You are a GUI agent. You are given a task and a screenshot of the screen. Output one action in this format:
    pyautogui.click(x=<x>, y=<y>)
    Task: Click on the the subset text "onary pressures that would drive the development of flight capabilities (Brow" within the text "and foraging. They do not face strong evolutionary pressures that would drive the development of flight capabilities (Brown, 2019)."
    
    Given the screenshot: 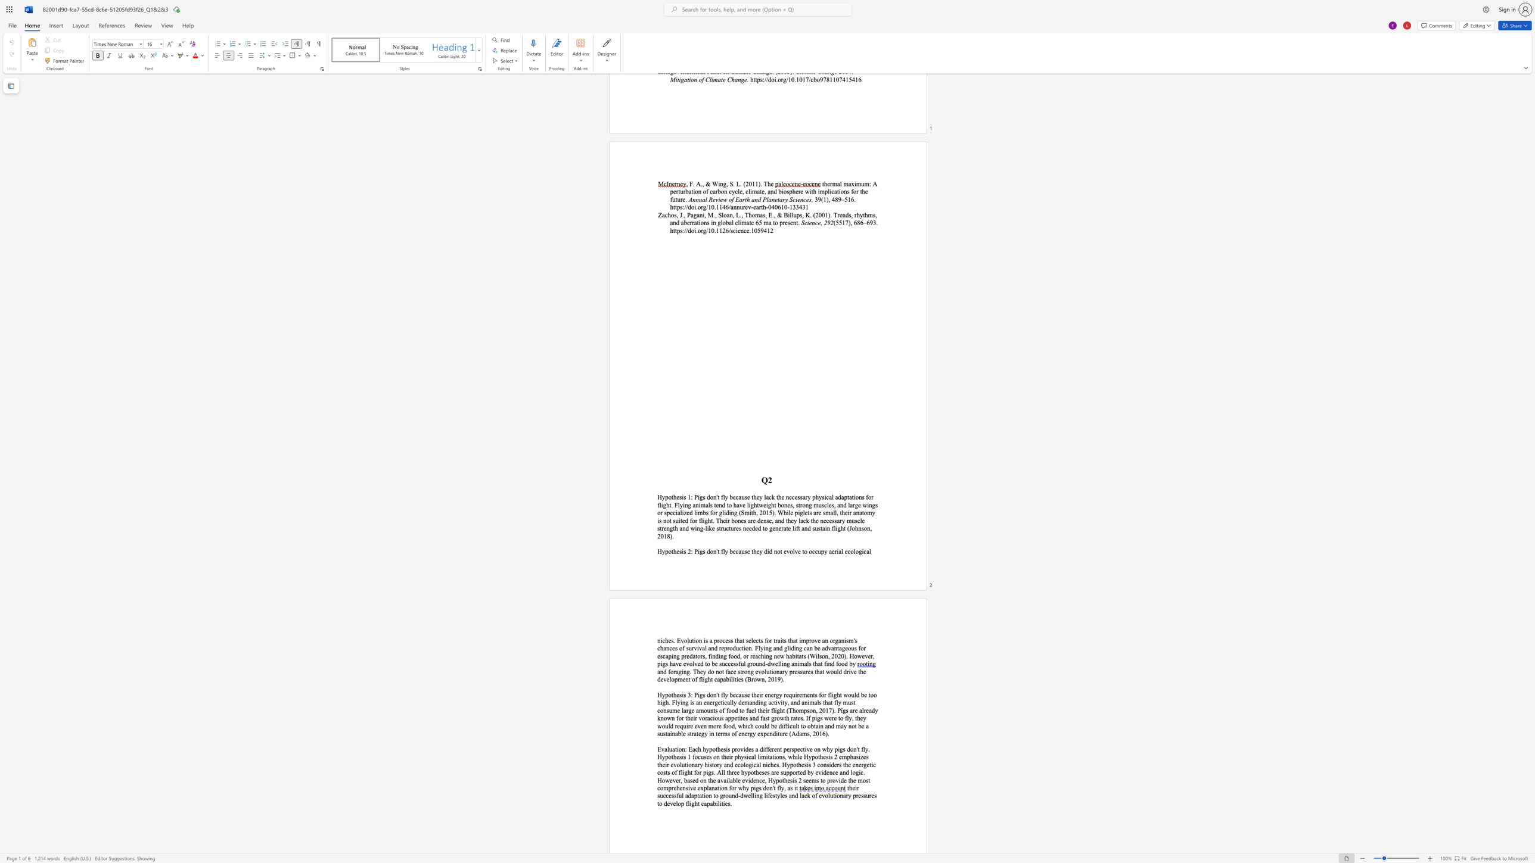 What is the action you would take?
    pyautogui.click(x=773, y=672)
    